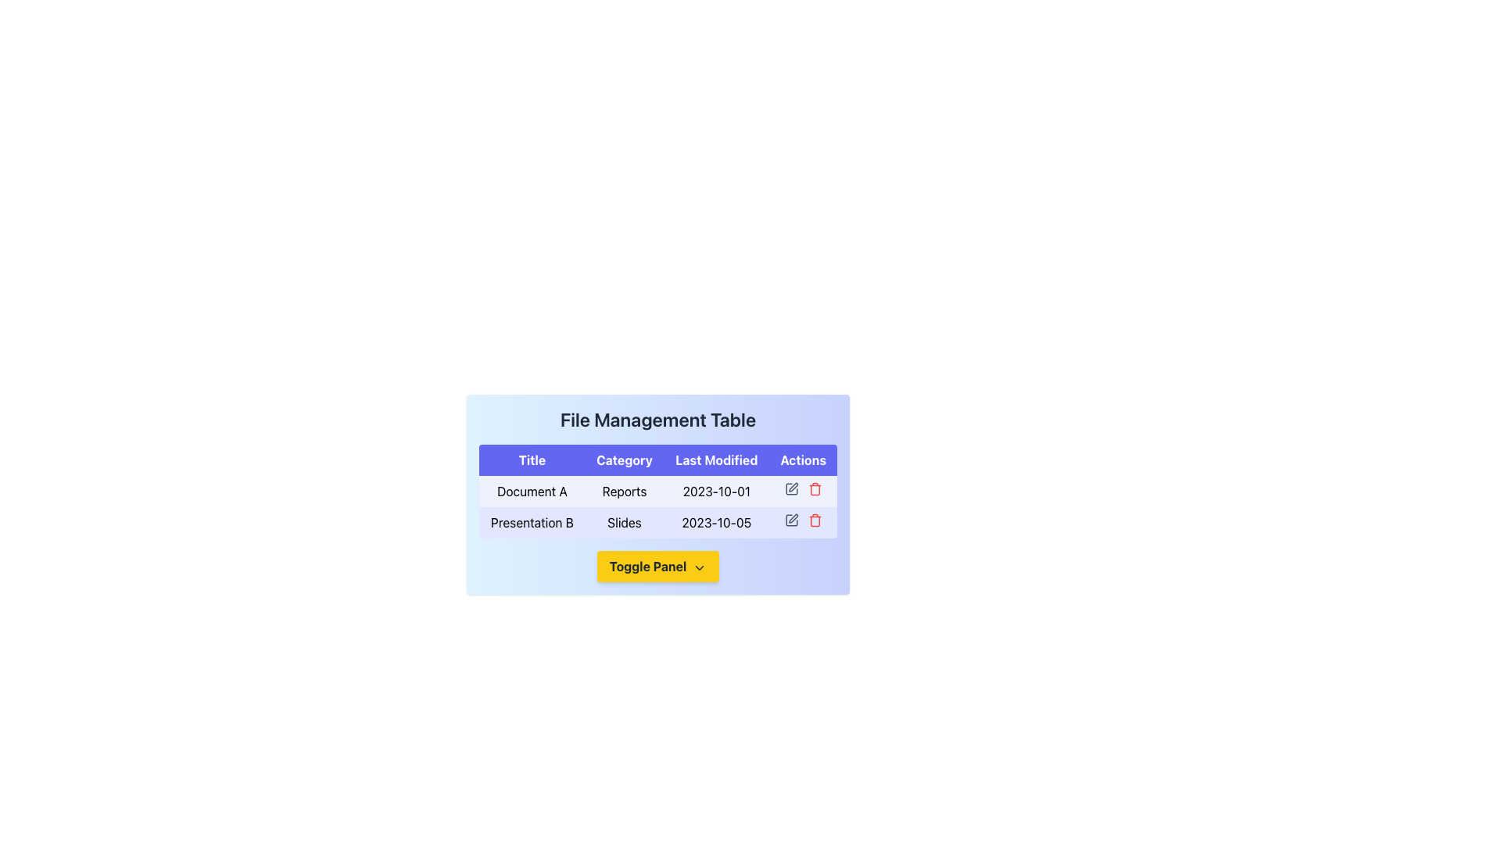  Describe the element at coordinates (803, 522) in the screenshot. I see `the decorative spacing component located in the 'Actions' column of the second row in the file management table, positioned between the 'Edit' icon (gray) and the 'Delete' icon (red)` at that location.